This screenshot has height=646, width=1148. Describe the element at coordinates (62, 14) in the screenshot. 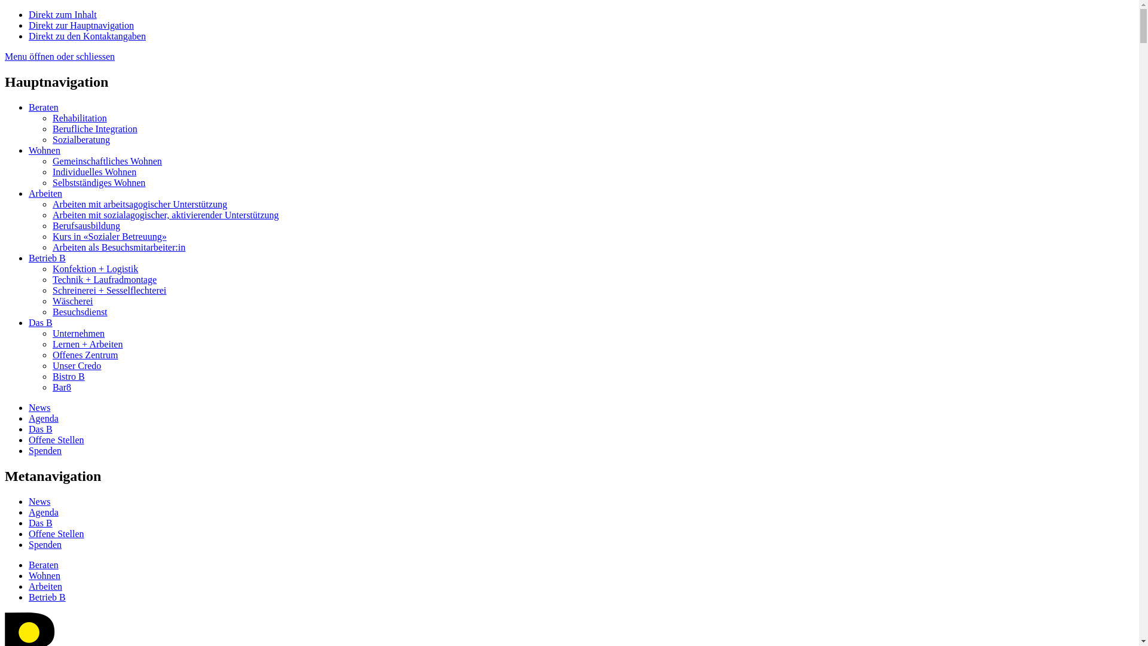

I see `'Direkt zum Inhalt'` at that location.